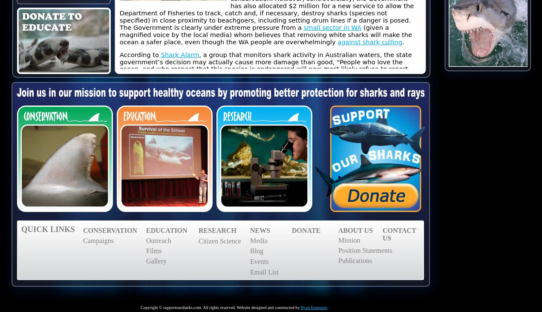 Image resolution: width=542 pixels, height=312 pixels. Describe the element at coordinates (267, 103) in the screenshot. I see `'in an attempt to make the waters safer. From 1959 to 
			1976, the state of Hawaii culled 4,668 sharks including 554 tiger 
			sharks. No significant decrease in the rate of shark bites was 
			detected. Yet here we are 40 years on, again proposing the use of a 
			failed strategy. Pre-emptively killing sharks is simply an 
			appeasement tactic, one of emotion rather than of real science.'` at that location.